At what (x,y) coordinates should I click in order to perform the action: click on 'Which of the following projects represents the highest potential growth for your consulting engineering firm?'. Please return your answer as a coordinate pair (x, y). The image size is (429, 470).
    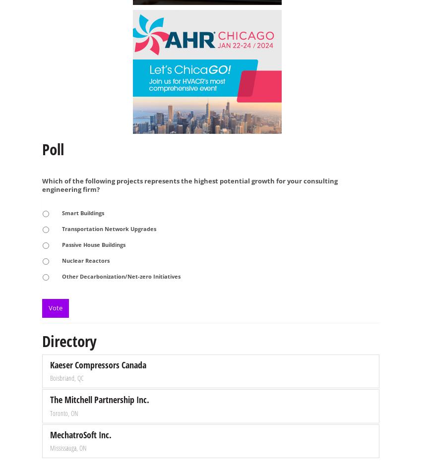
    Looking at the image, I should click on (190, 184).